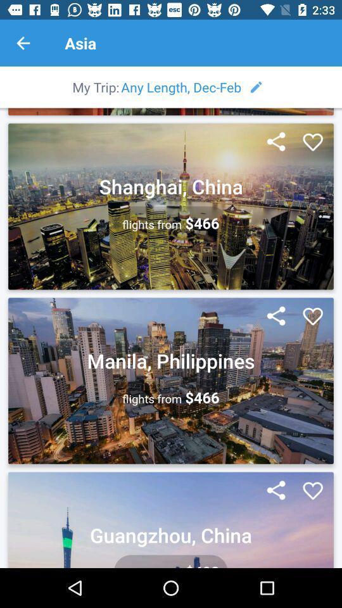 This screenshot has width=342, height=608. Describe the element at coordinates (275, 142) in the screenshot. I see `share option` at that location.